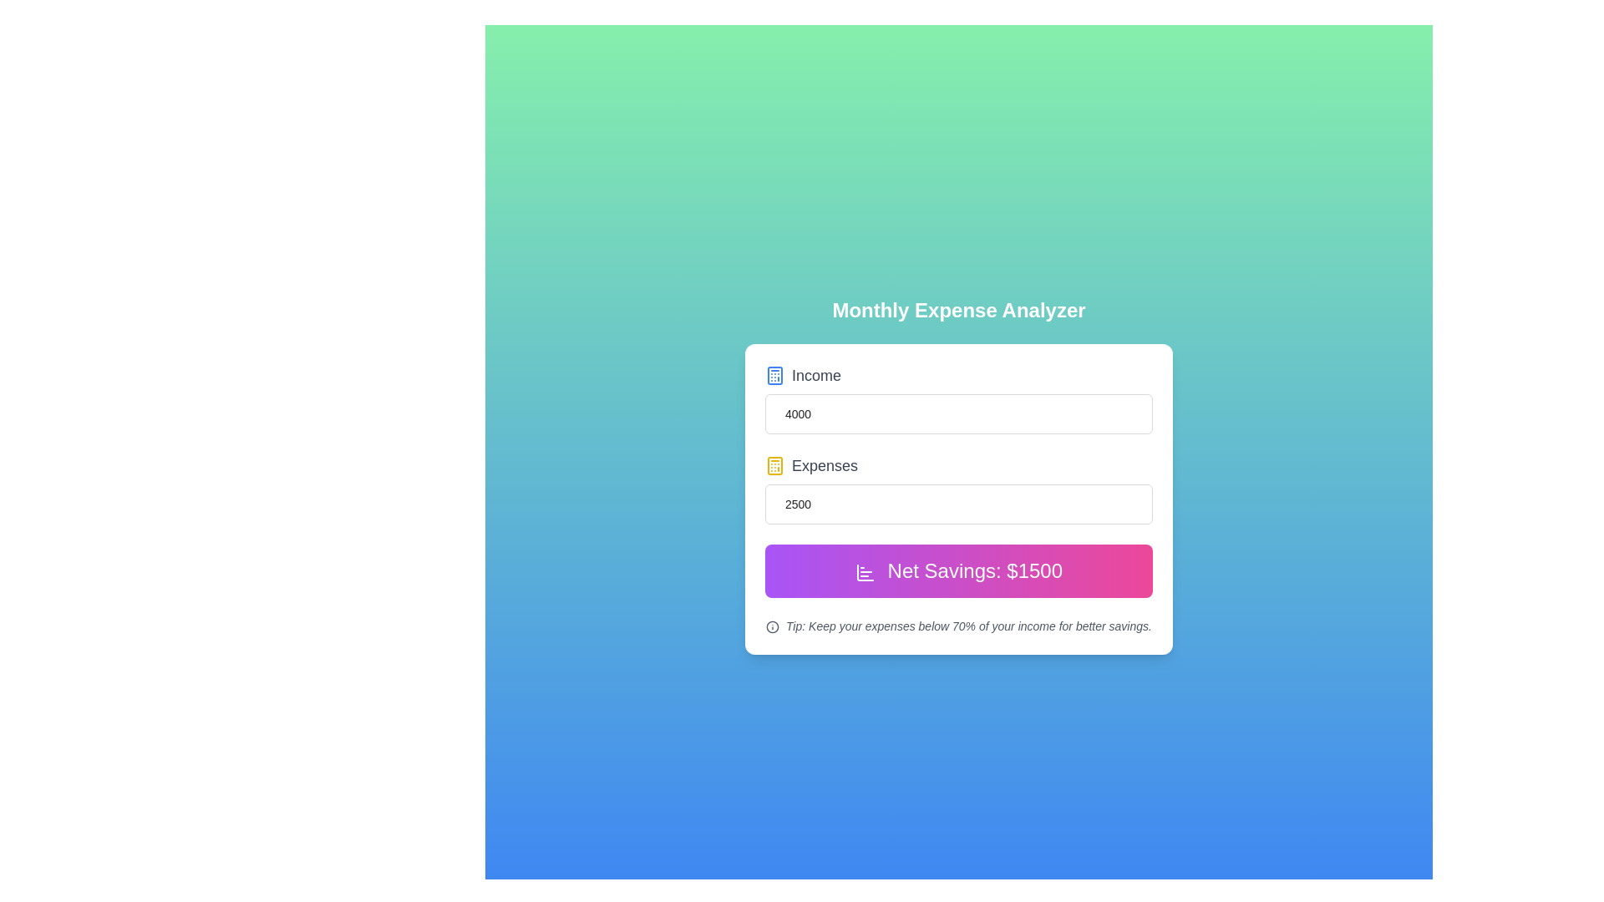 This screenshot has width=1604, height=902. What do you see at coordinates (774, 376) in the screenshot?
I see `the small blue calculator icon located to the left of the 'Income' text in the form's input section` at bounding box center [774, 376].